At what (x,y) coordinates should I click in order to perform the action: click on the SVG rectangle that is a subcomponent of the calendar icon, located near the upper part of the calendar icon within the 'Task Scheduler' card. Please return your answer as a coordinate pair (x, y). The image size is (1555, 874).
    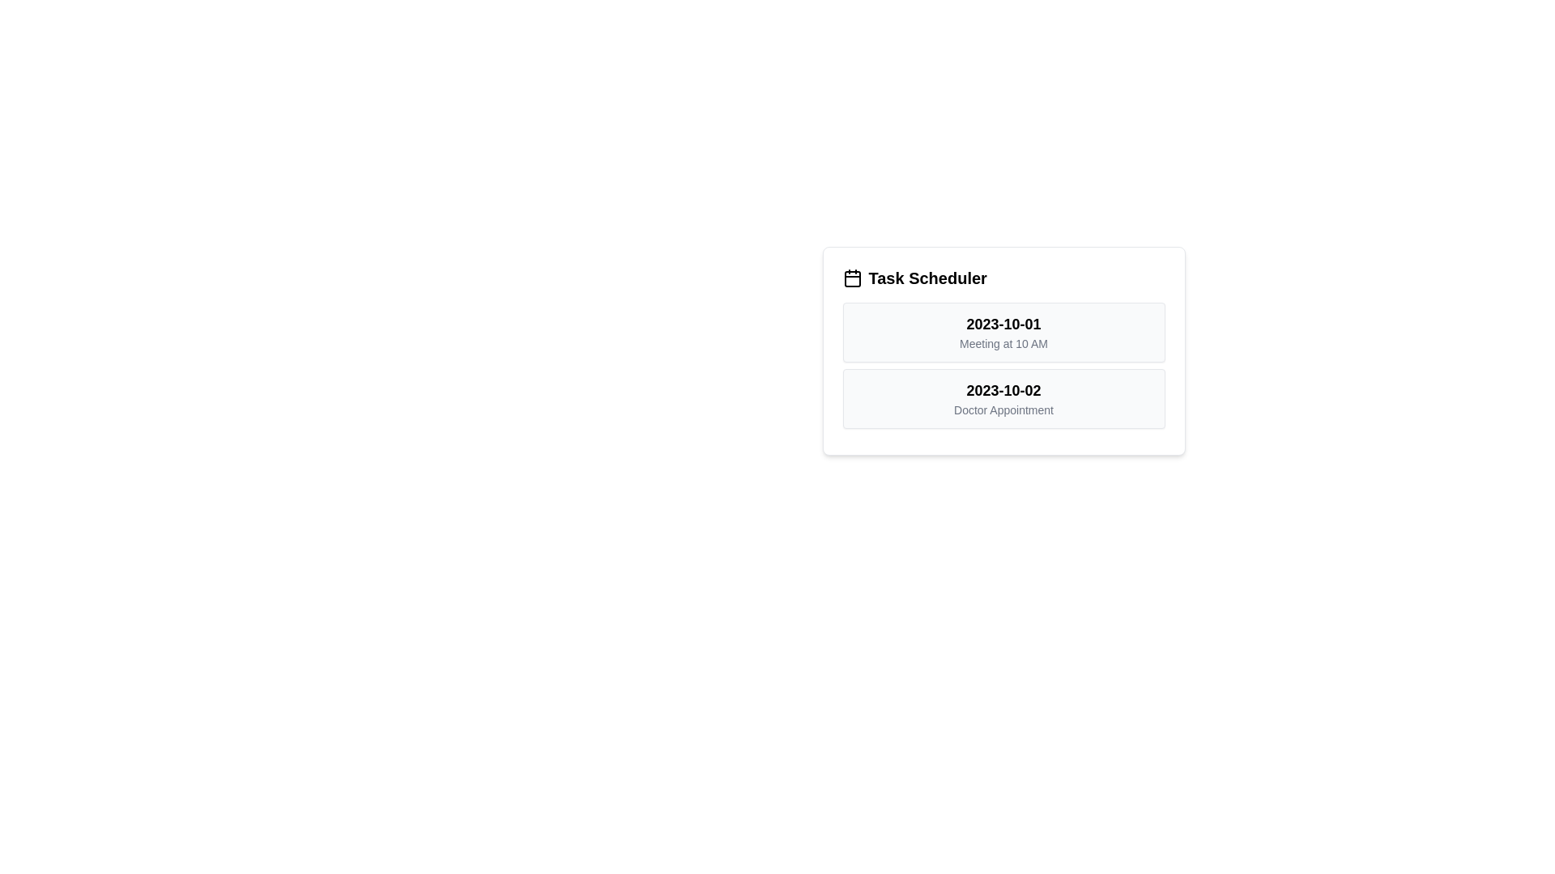
    Looking at the image, I should click on (851, 278).